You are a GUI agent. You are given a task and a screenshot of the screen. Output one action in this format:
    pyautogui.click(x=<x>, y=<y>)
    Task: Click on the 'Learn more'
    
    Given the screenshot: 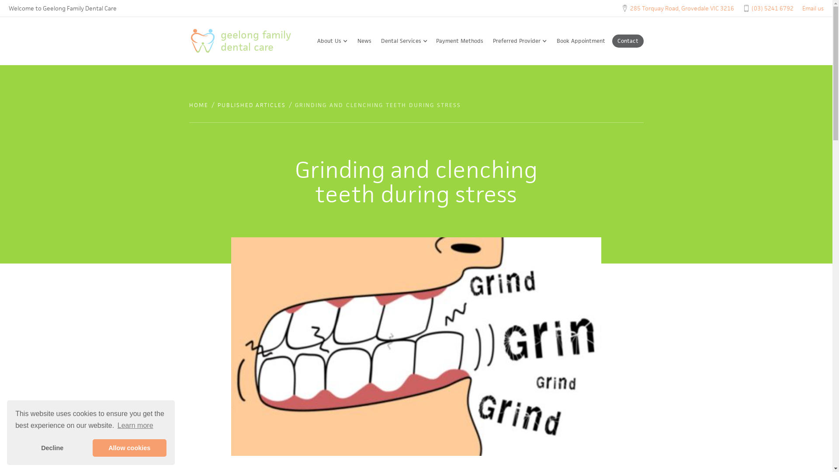 What is the action you would take?
    pyautogui.click(x=135, y=425)
    